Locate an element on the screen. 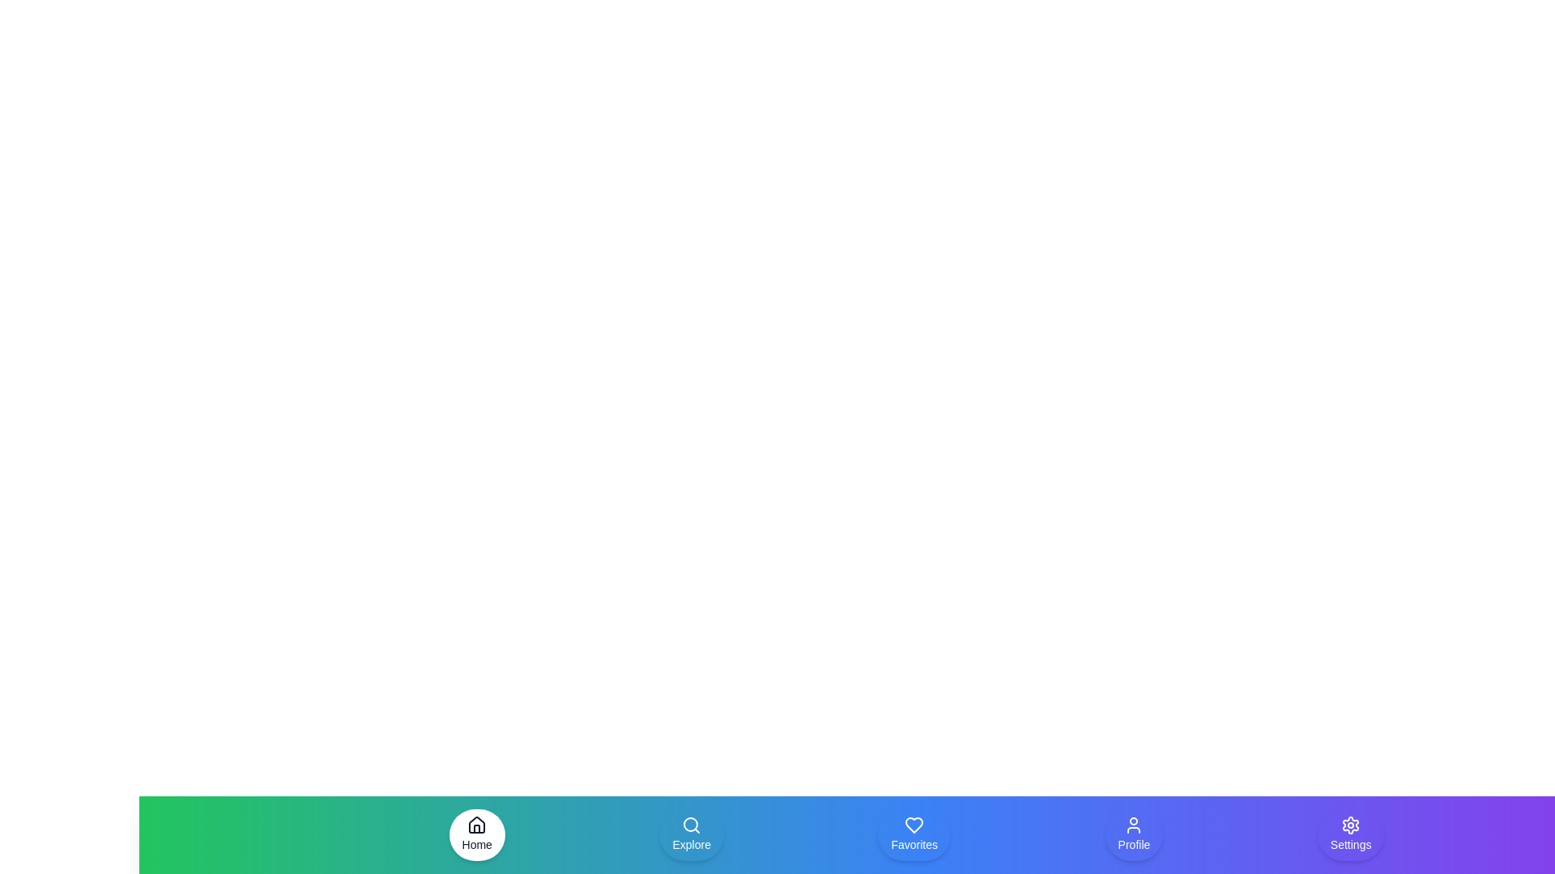 The width and height of the screenshot is (1555, 874). the button labeled Profile to observe its visual state change is located at coordinates (1133, 835).